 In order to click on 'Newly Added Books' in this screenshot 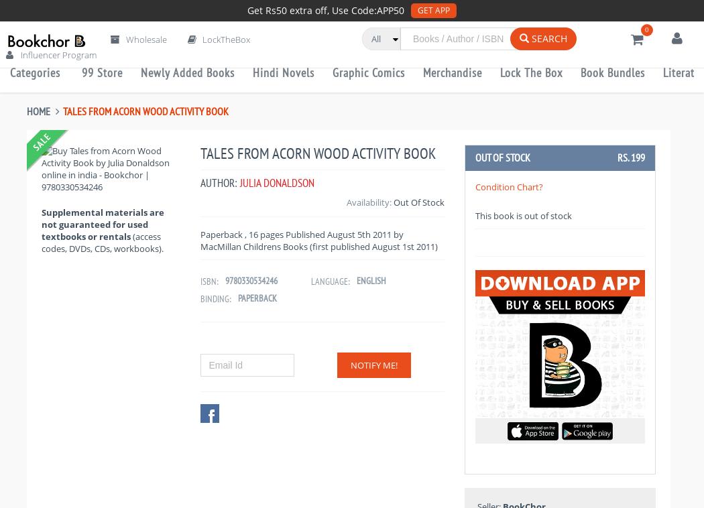, I will do `click(187, 71)`.